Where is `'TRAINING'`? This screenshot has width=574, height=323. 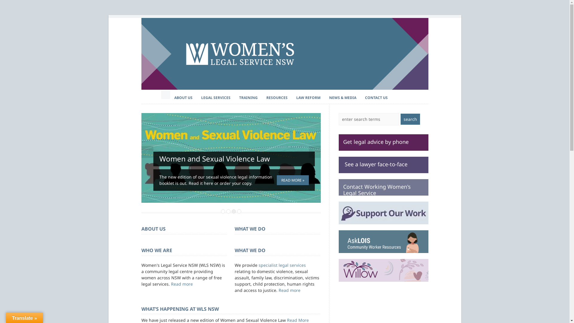 'TRAINING' is located at coordinates (248, 97).